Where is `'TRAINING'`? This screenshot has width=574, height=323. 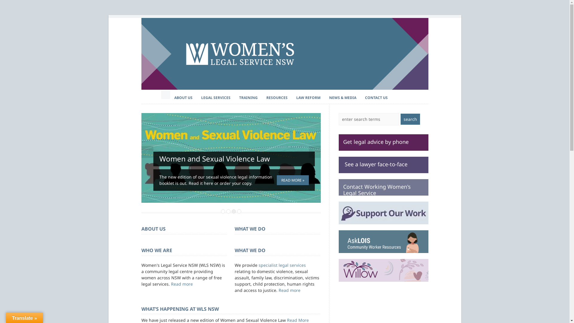 'TRAINING' is located at coordinates (248, 97).